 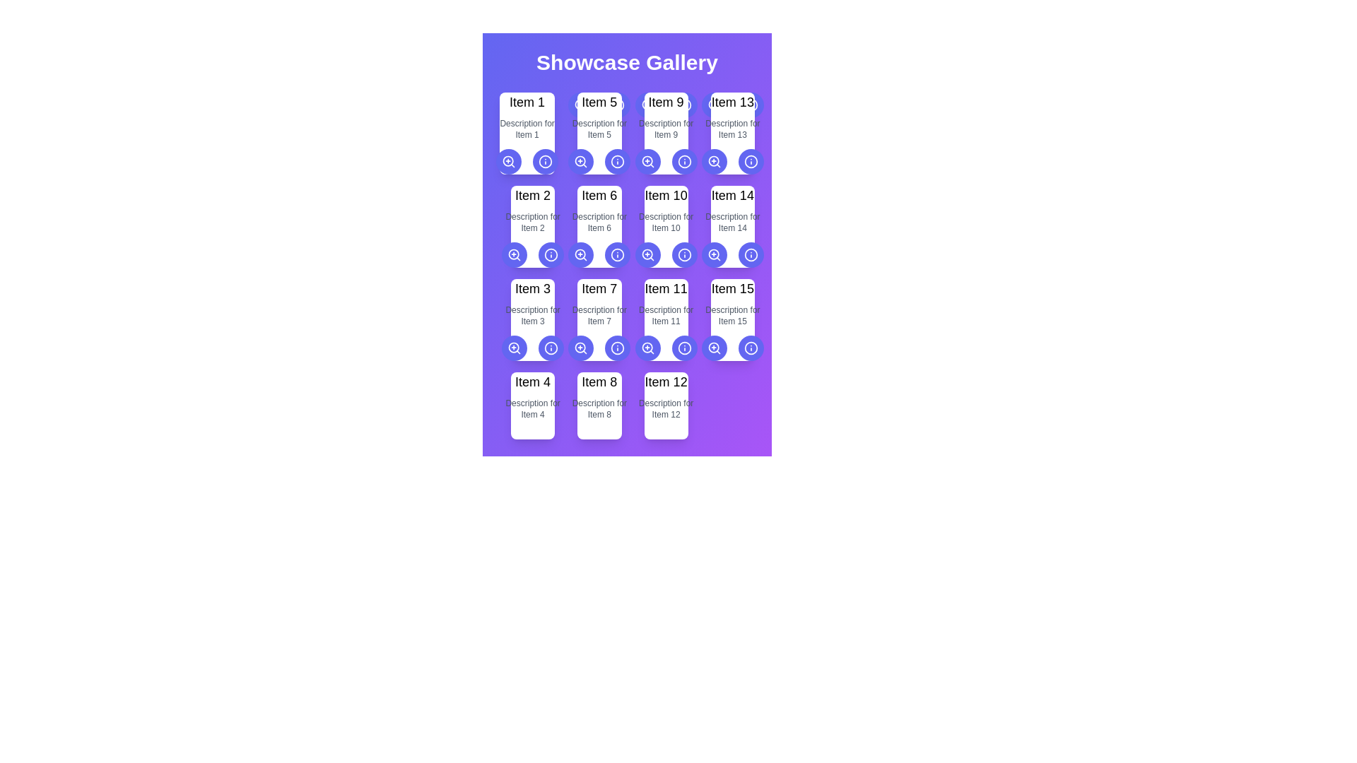 I want to click on the info icon within the circular button located in the lower right corner of the ninth card, so click(x=684, y=160).